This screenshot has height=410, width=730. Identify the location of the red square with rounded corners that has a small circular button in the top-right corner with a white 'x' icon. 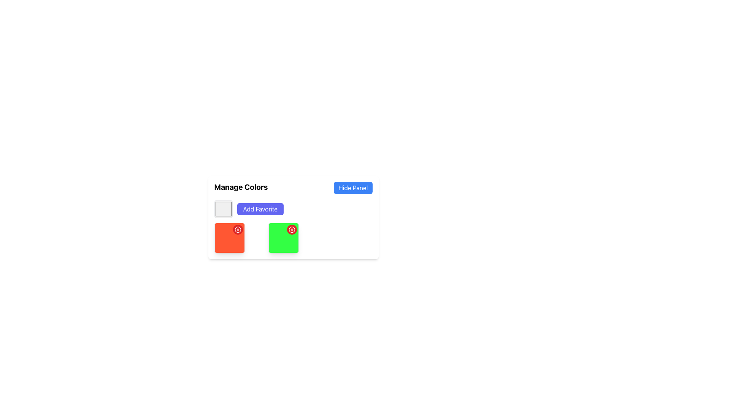
(229, 238).